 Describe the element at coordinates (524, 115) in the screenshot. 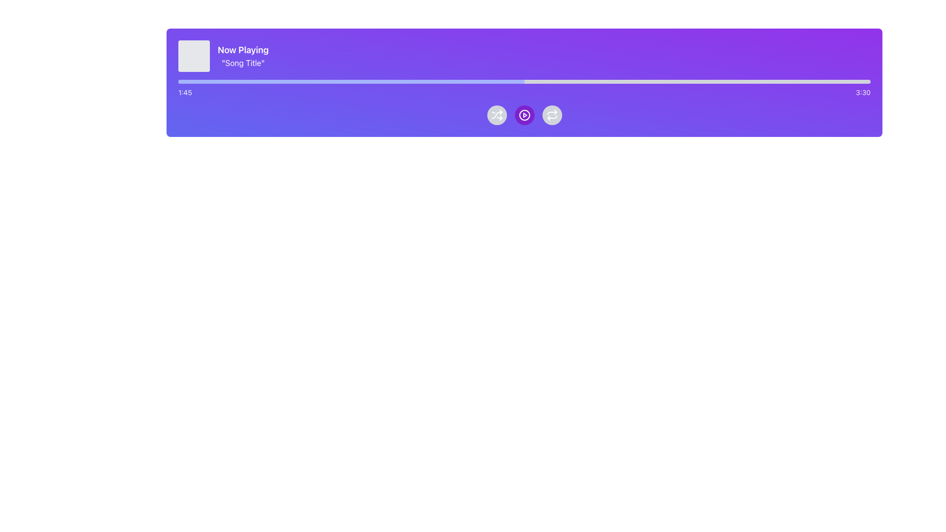

I see `the middle play button in the music player interface` at that location.